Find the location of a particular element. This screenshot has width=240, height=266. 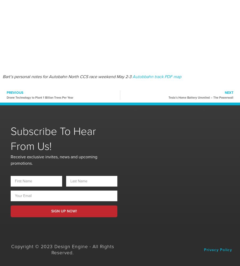

'Receive exclusive invites, news and upcoming promotions.' is located at coordinates (54, 160).